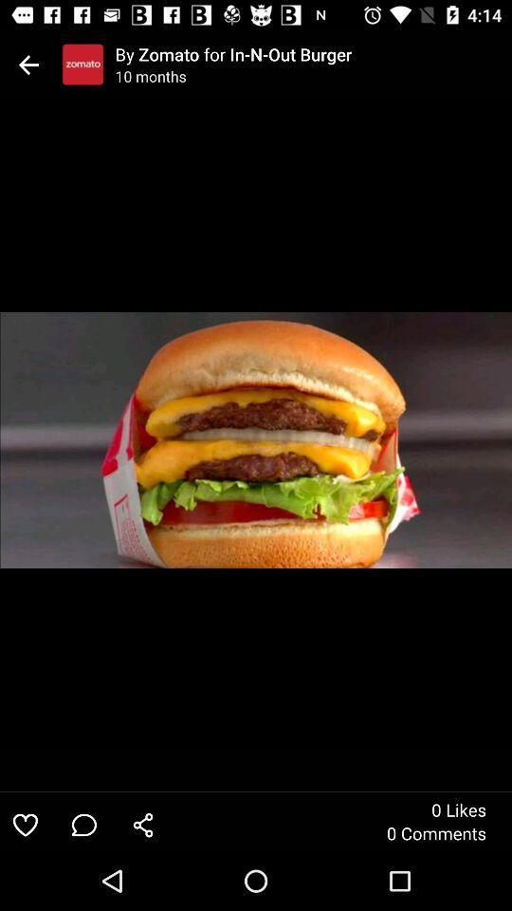 The height and width of the screenshot is (911, 512). What do you see at coordinates (27, 65) in the screenshot?
I see `the arrow_backward icon` at bounding box center [27, 65].